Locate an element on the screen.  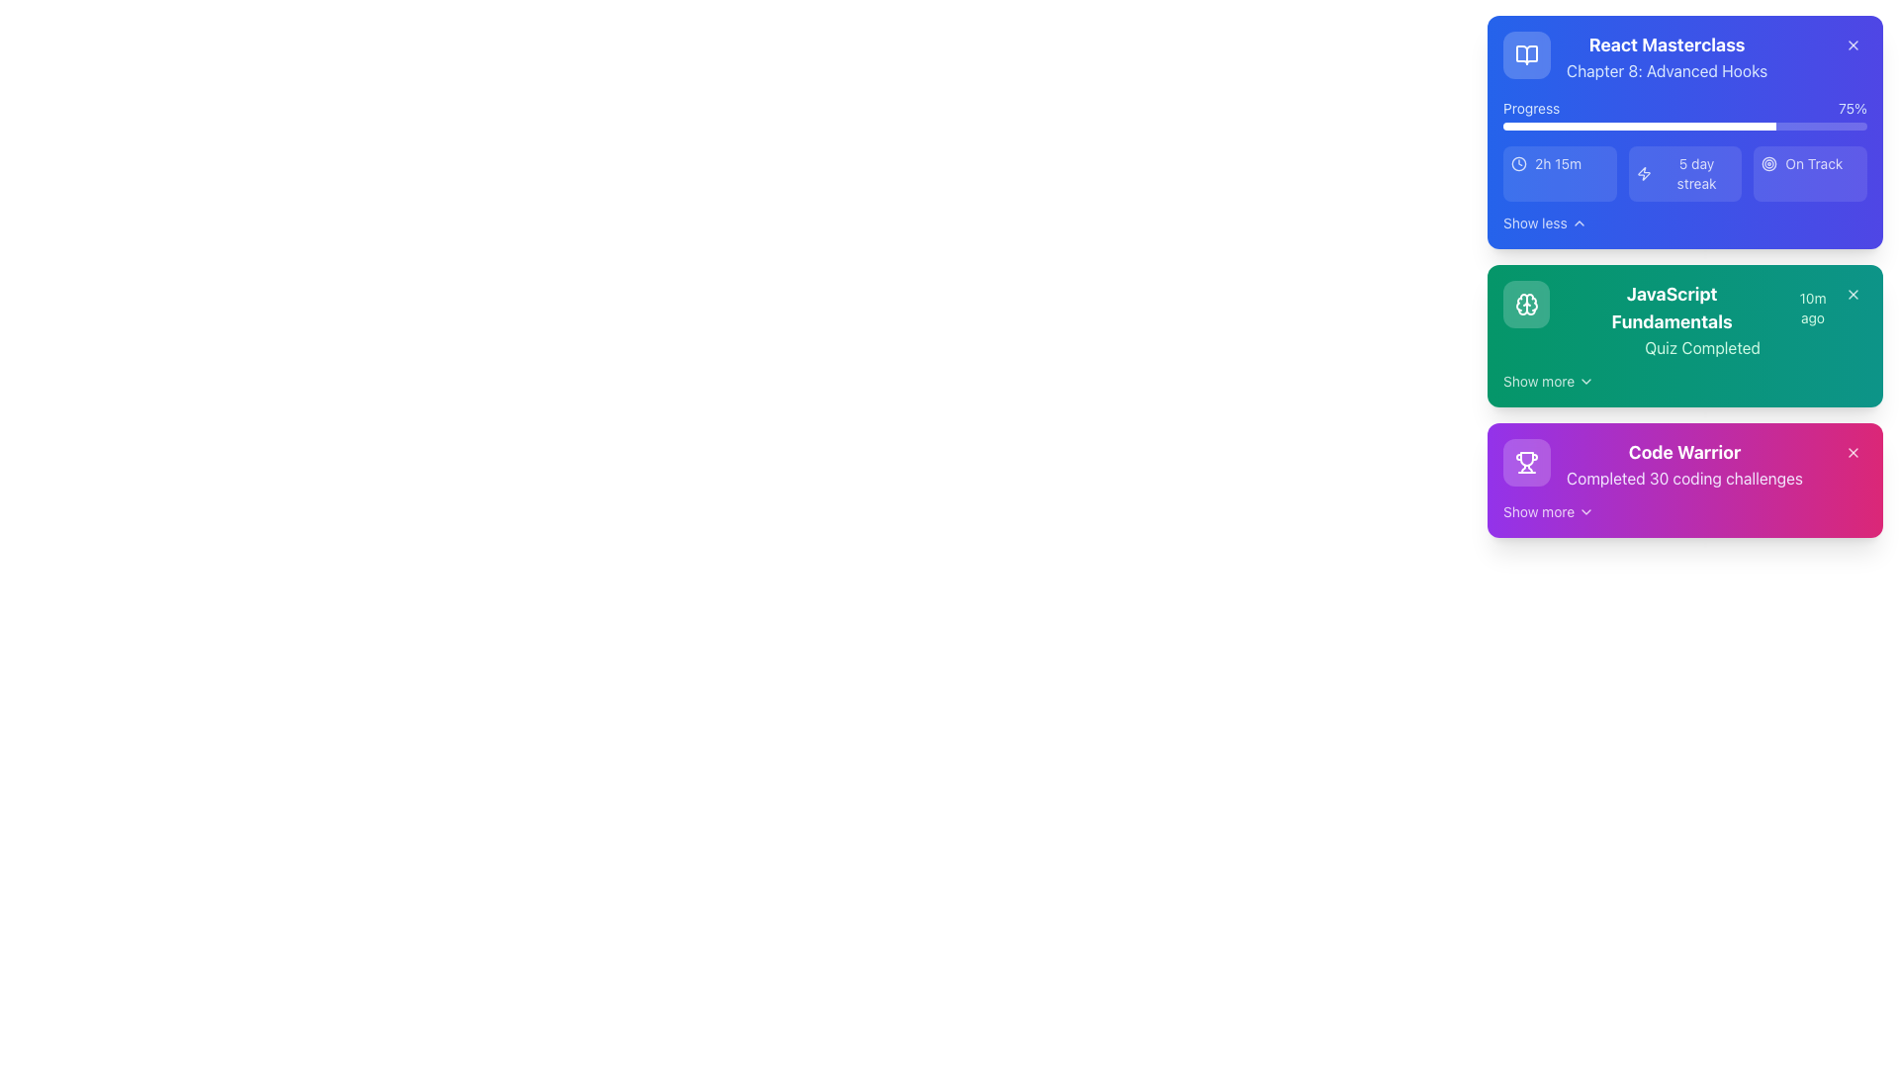
the outer circular component of the clock icon located at the top-left area of the 'React Masterclass' card, which signifies a time-related concept is located at coordinates (1518, 162).